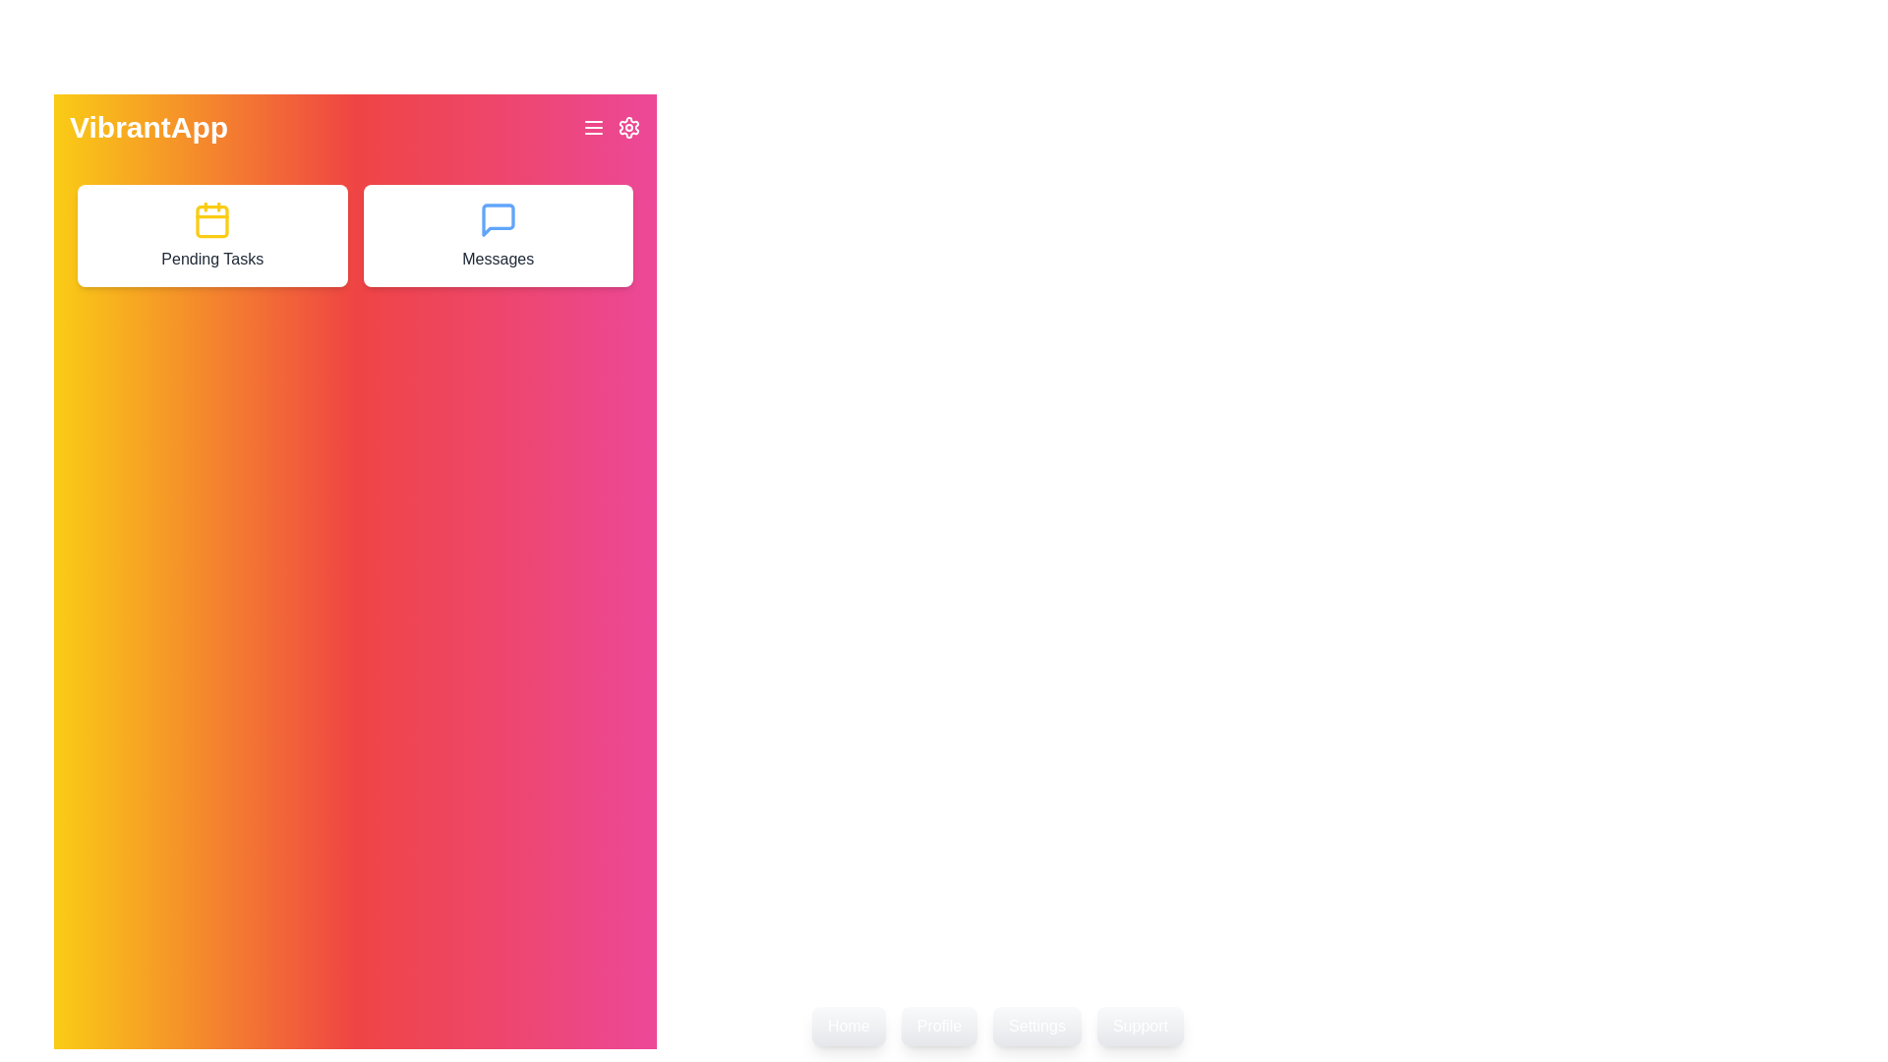 This screenshot has height=1062, width=1888. Describe the element at coordinates (849, 1026) in the screenshot. I see `the 'Home' button in the footer` at that location.